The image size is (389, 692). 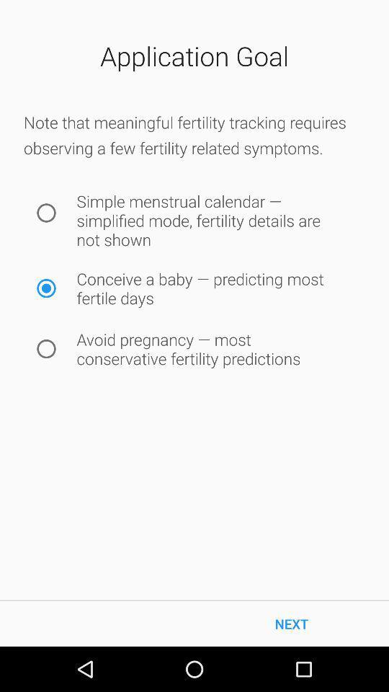 I want to click on simplifed menstraul calendar, so click(x=46, y=212).